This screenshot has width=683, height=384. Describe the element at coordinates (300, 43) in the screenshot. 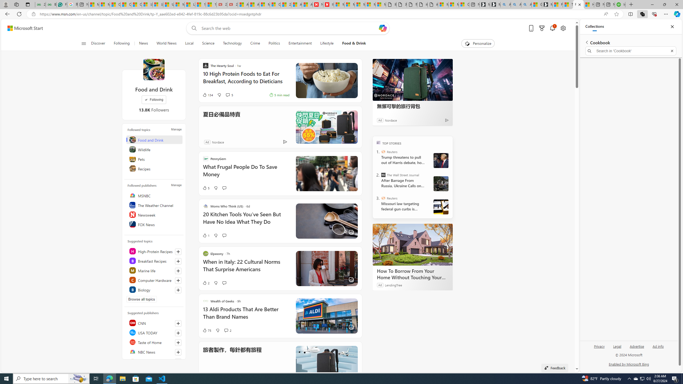

I see `'Entertainment'` at that location.